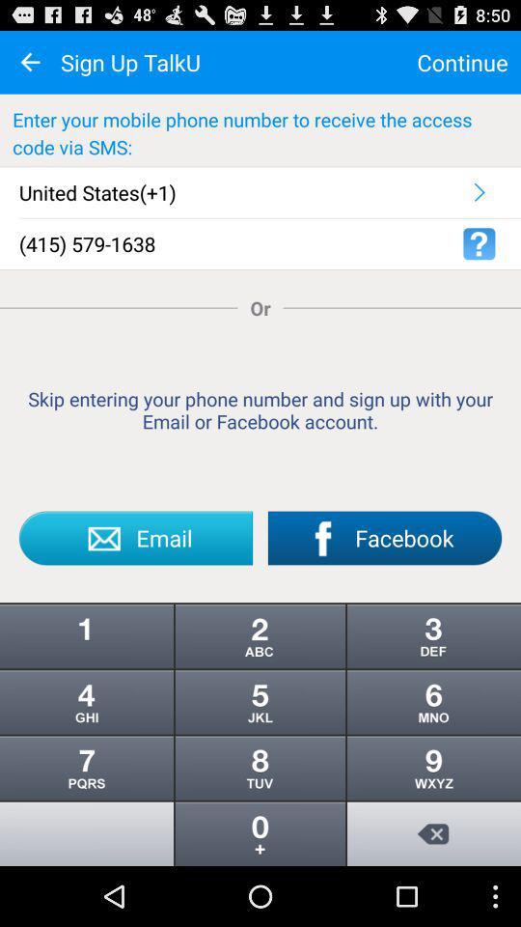 The width and height of the screenshot is (521, 927). Describe the element at coordinates (86, 681) in the screenshot. I see `the info icon` at that location.